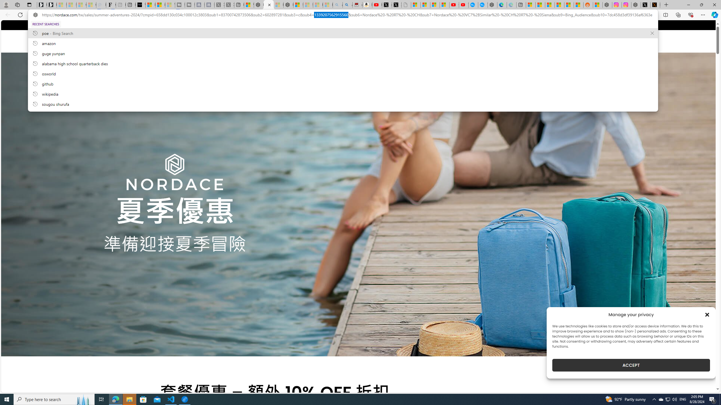 This screenshot has width=721, height=405. Describe the element at coordinates (337, 4) in the screenshot. I see `'amazon - Search - Sleeping'` at that location.